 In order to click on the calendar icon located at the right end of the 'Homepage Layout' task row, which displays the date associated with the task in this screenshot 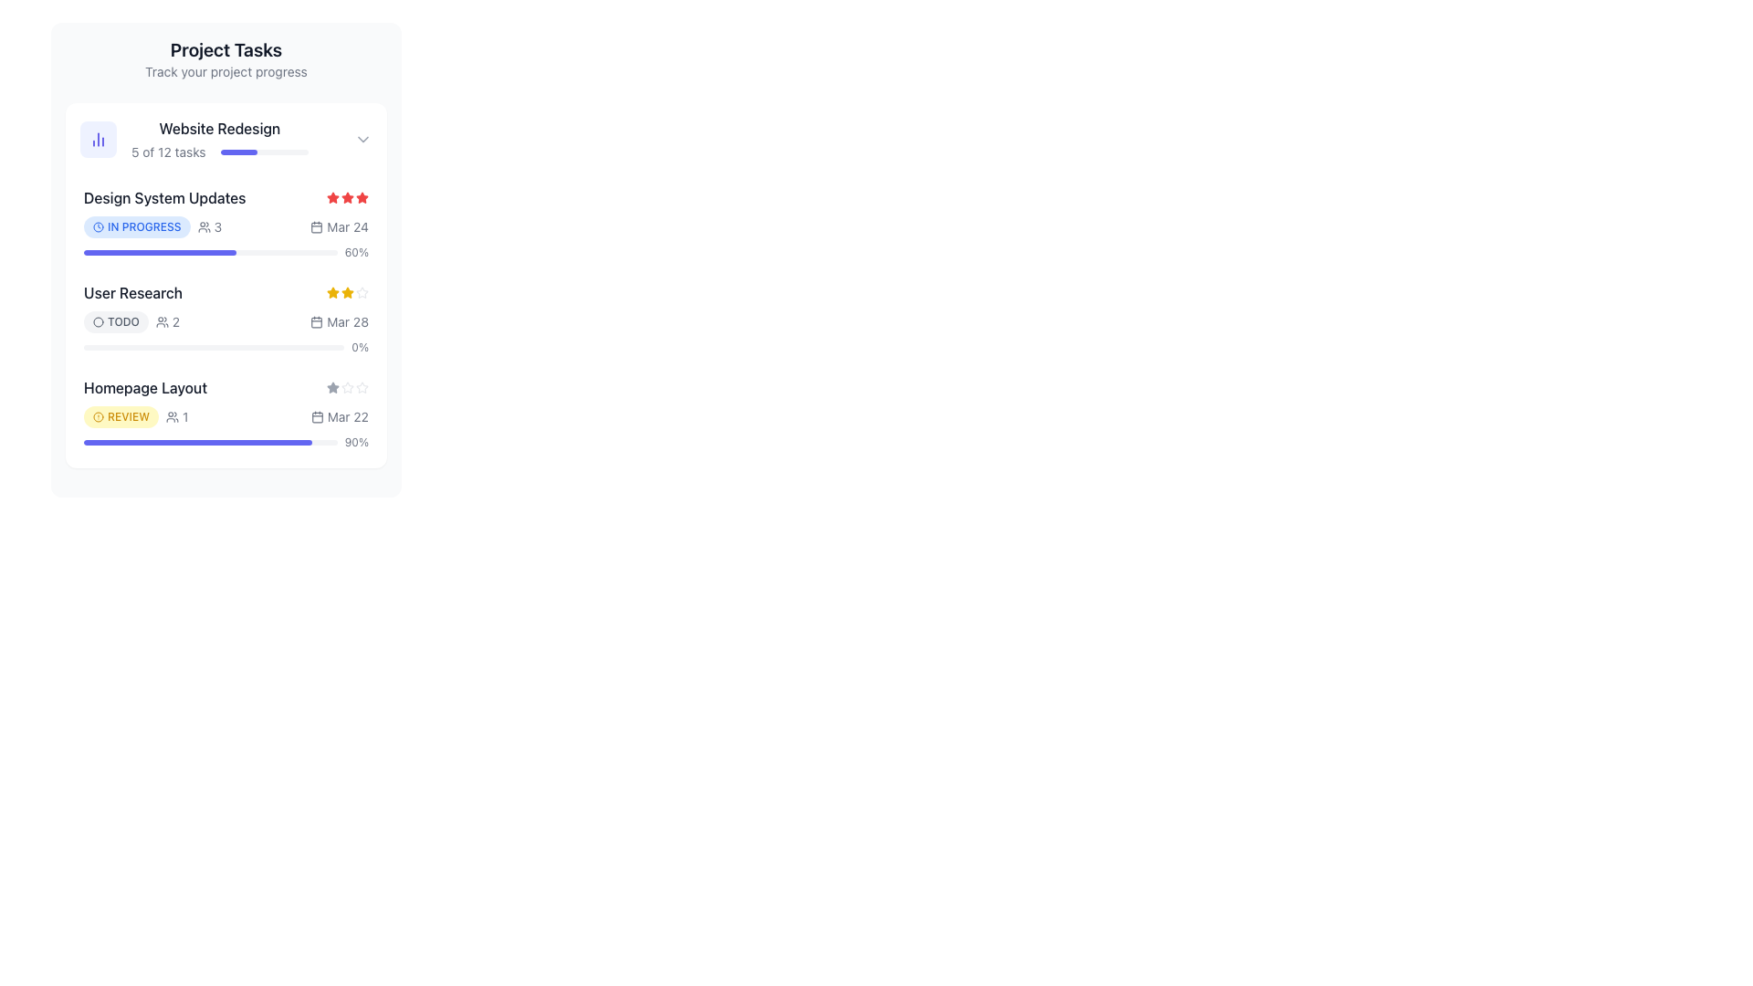, I will do `click(340, 416)`.